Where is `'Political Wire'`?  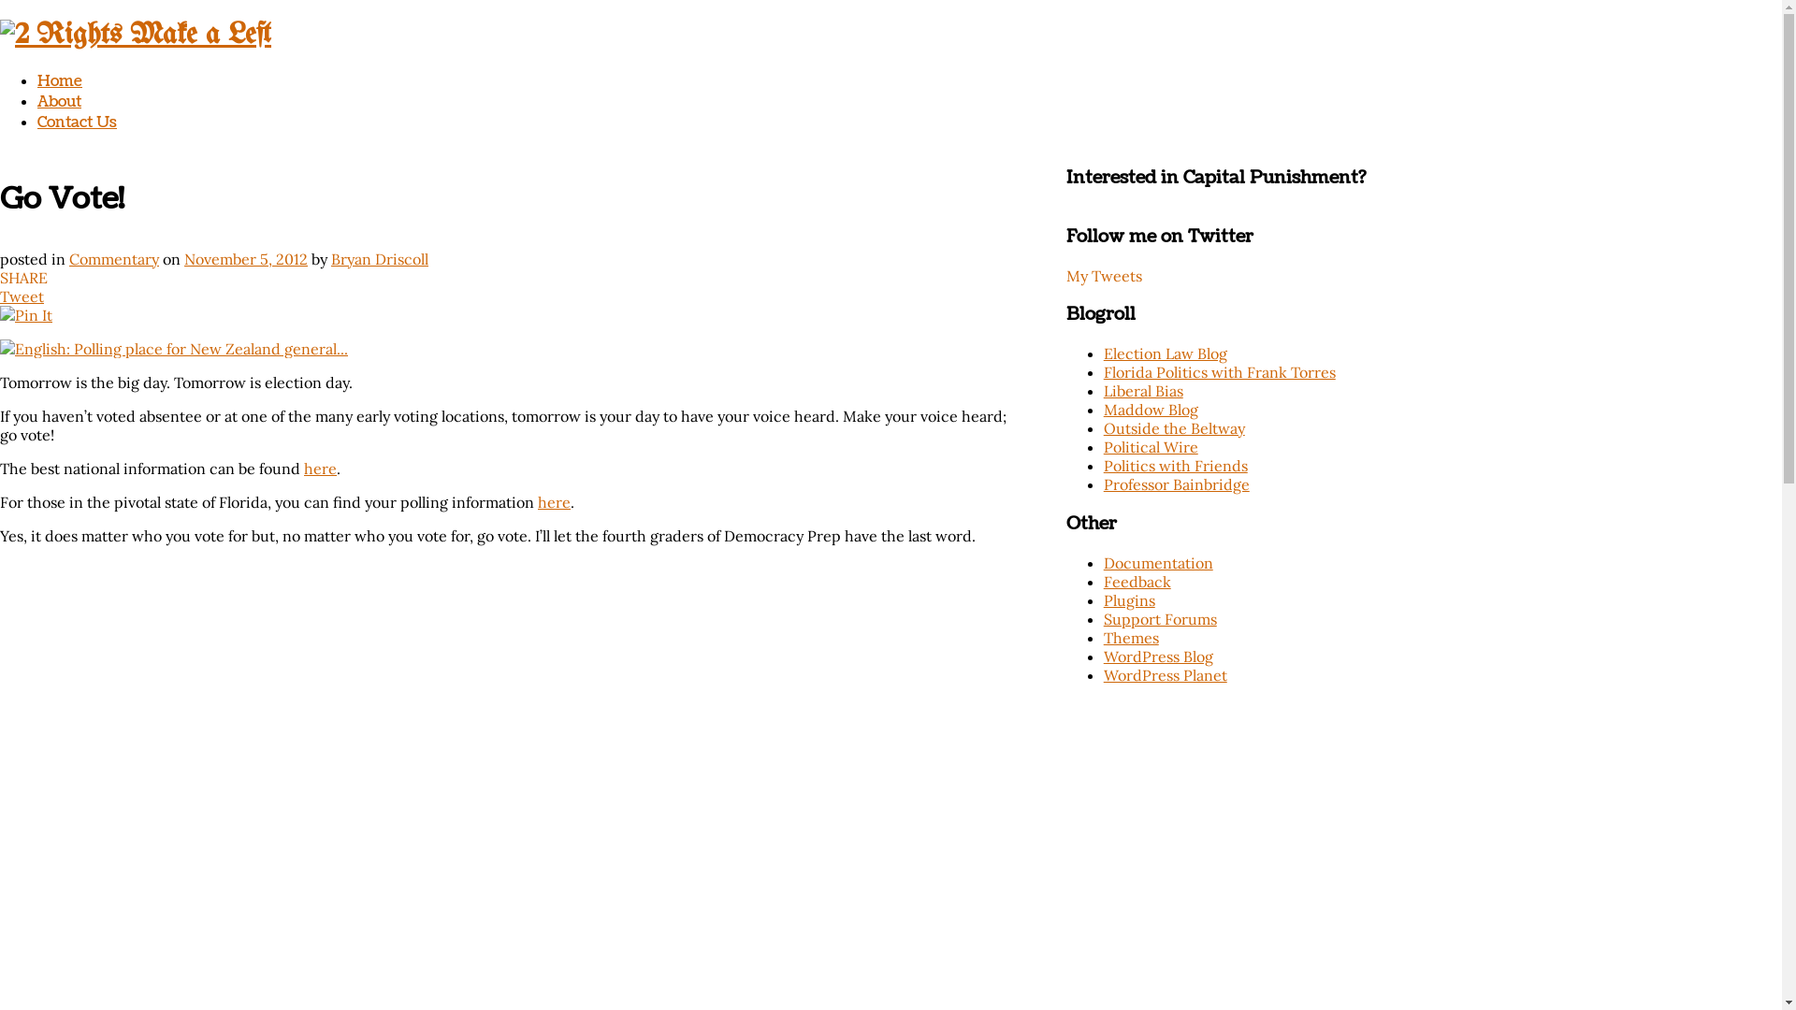 'Political Wire' is located at coordinates (1150, 447).